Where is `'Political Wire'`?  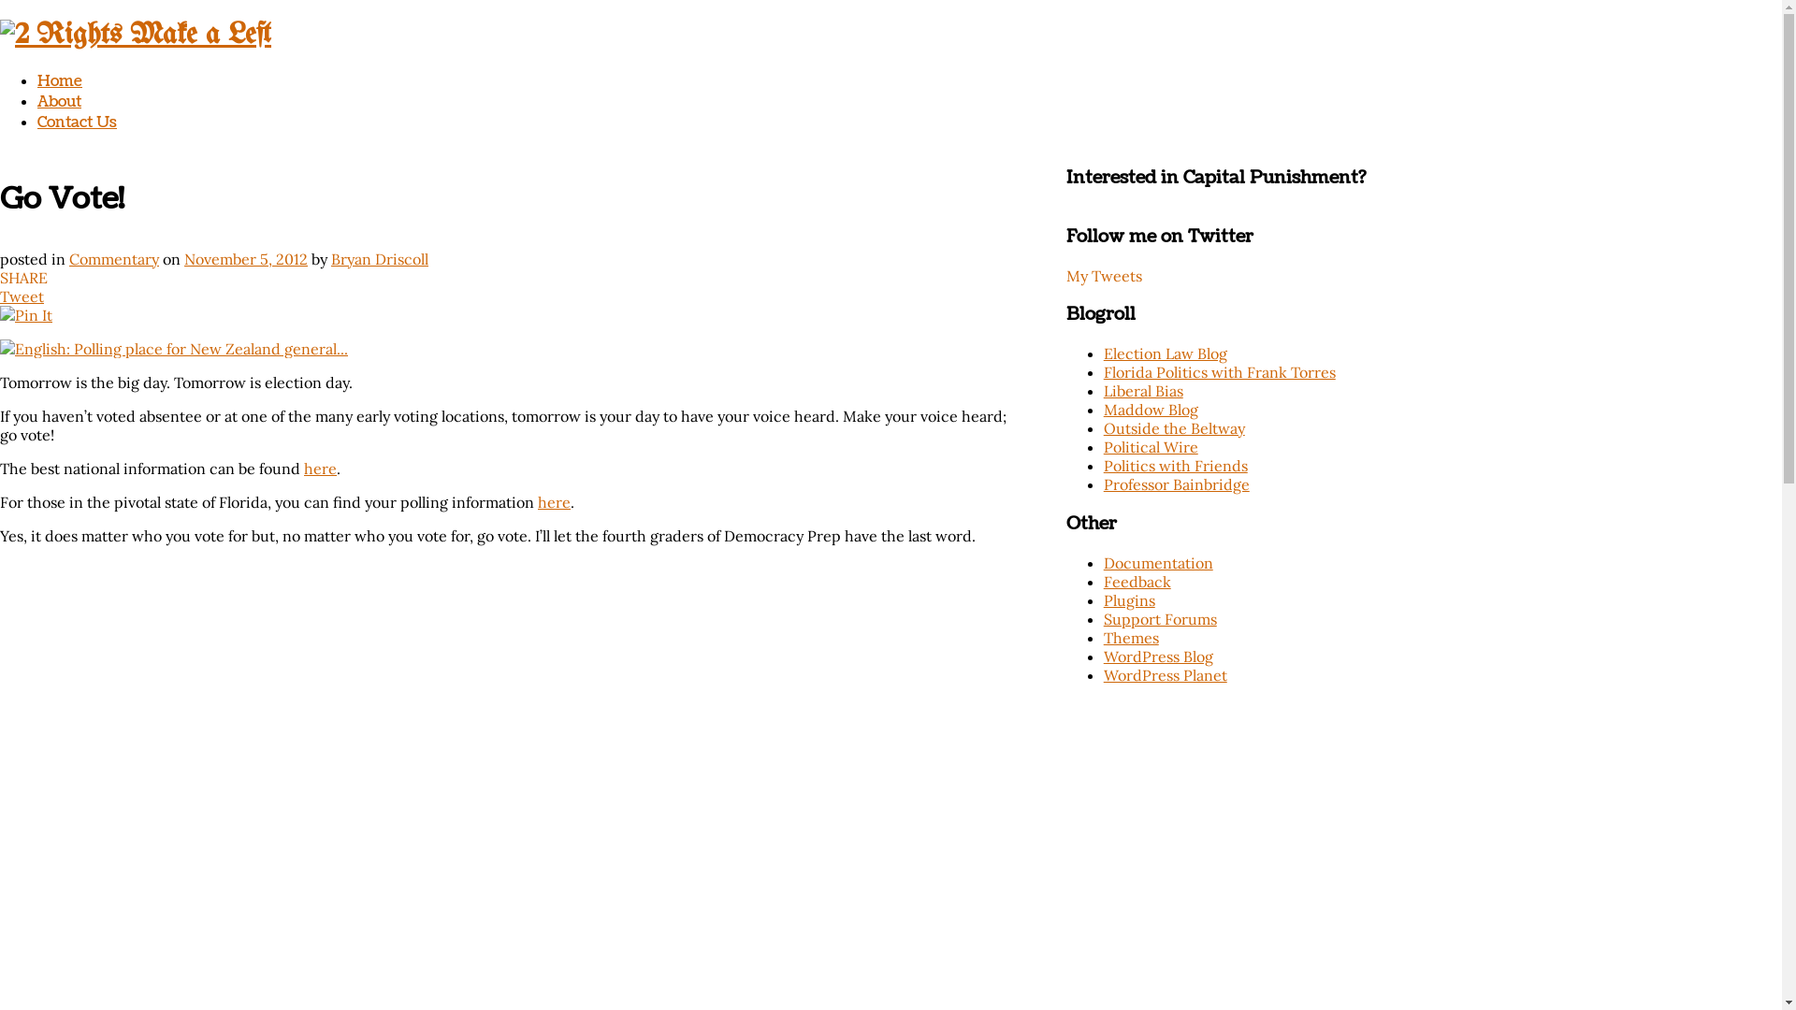 'Political Wire' is located at coordinates (1150, 447).